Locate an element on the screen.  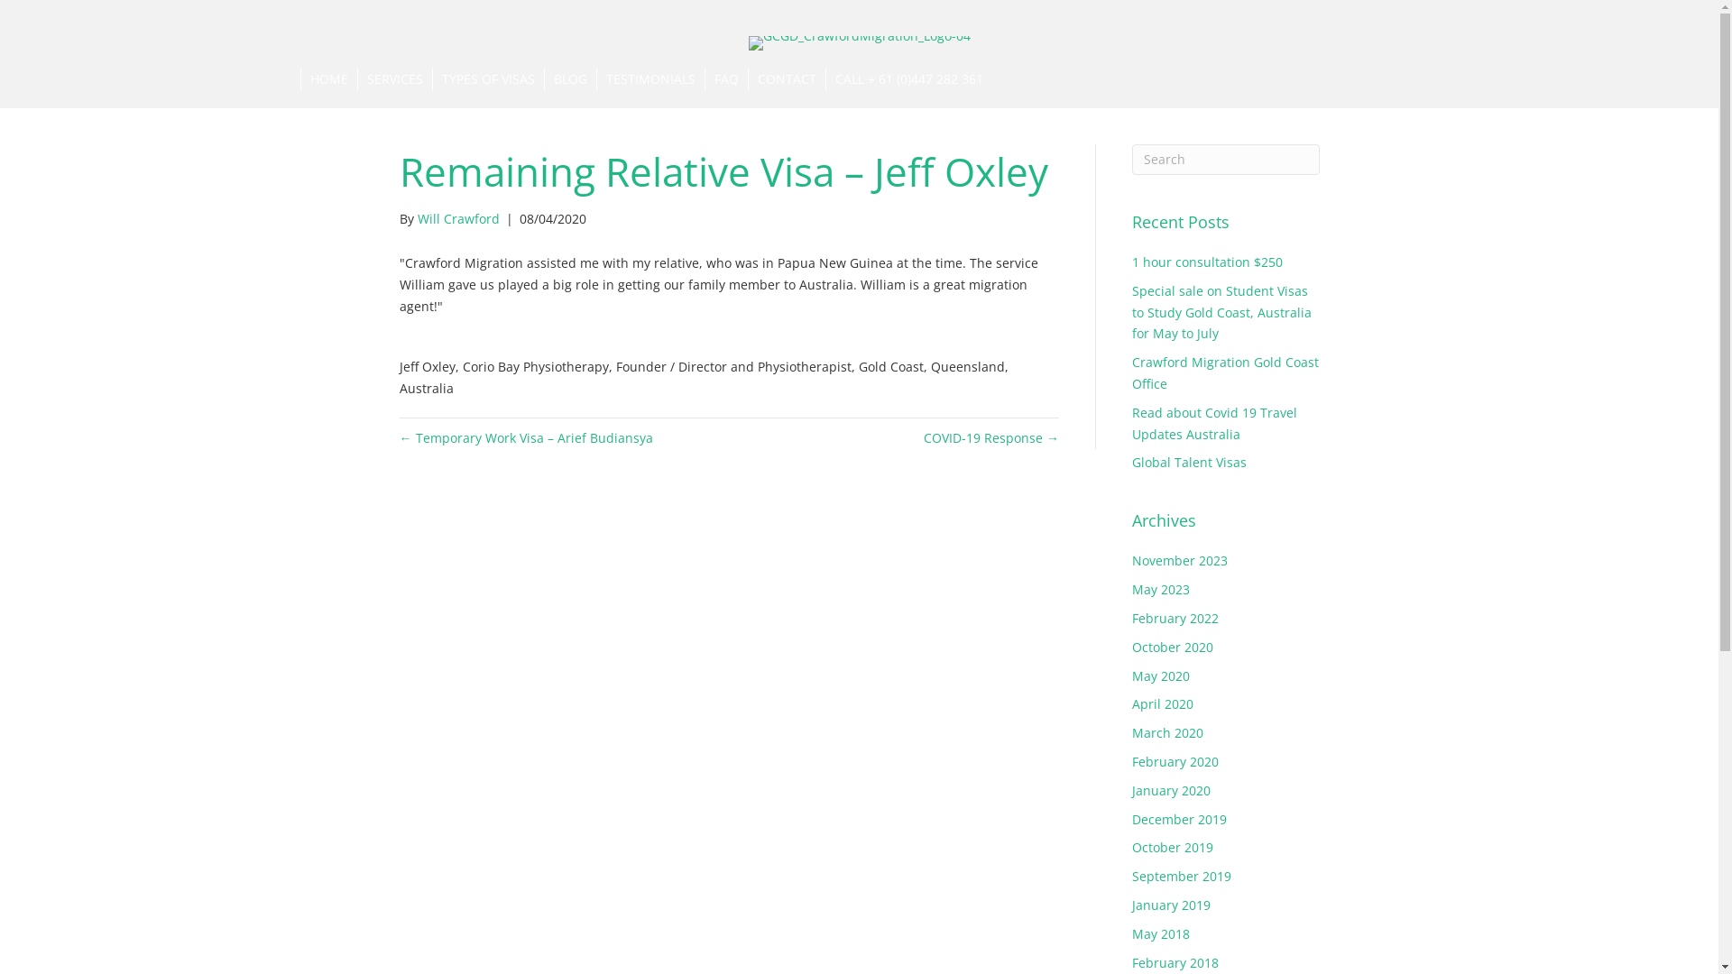
'Read about Covid 19 Travel Updates Australia' is located at coordinates (1214, 423).